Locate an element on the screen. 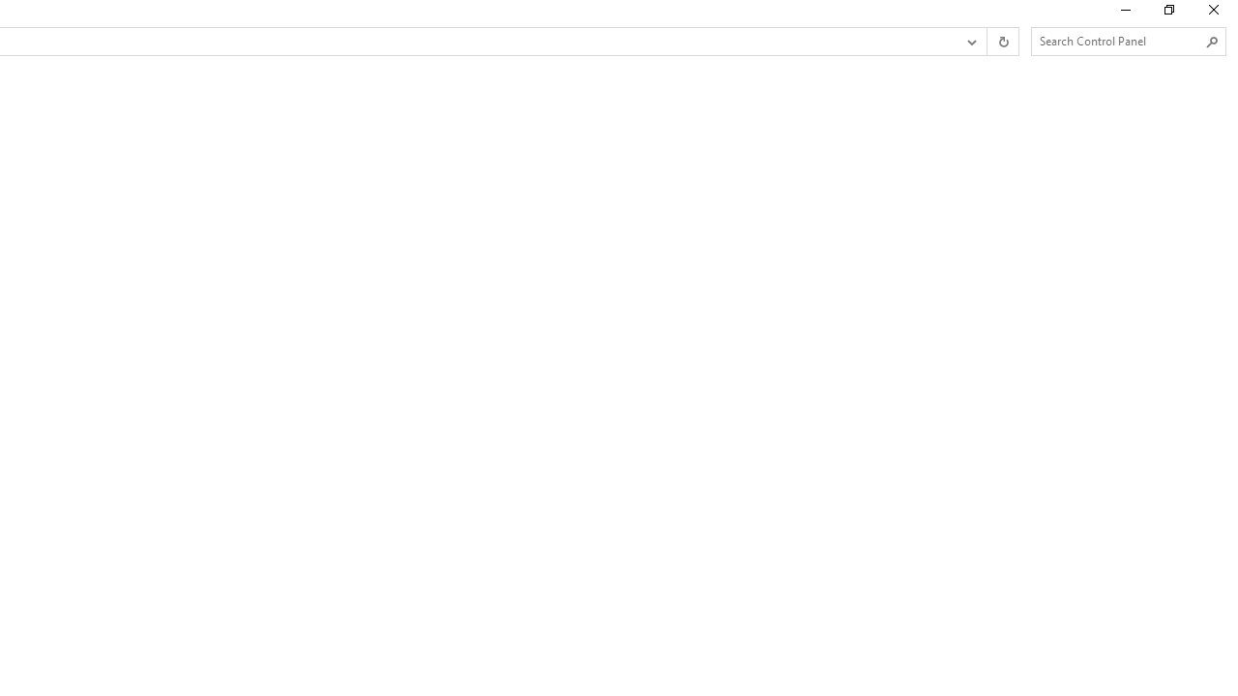 This screenshot has width=1238, height=696. 'Refresh "Appearance and Personalization" (F5)' is located at coordinates (1002, 42).